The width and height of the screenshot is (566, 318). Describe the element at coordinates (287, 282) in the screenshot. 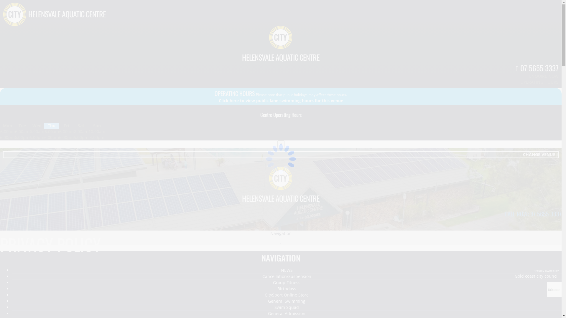

I see `'Group Fitness'` at that location.